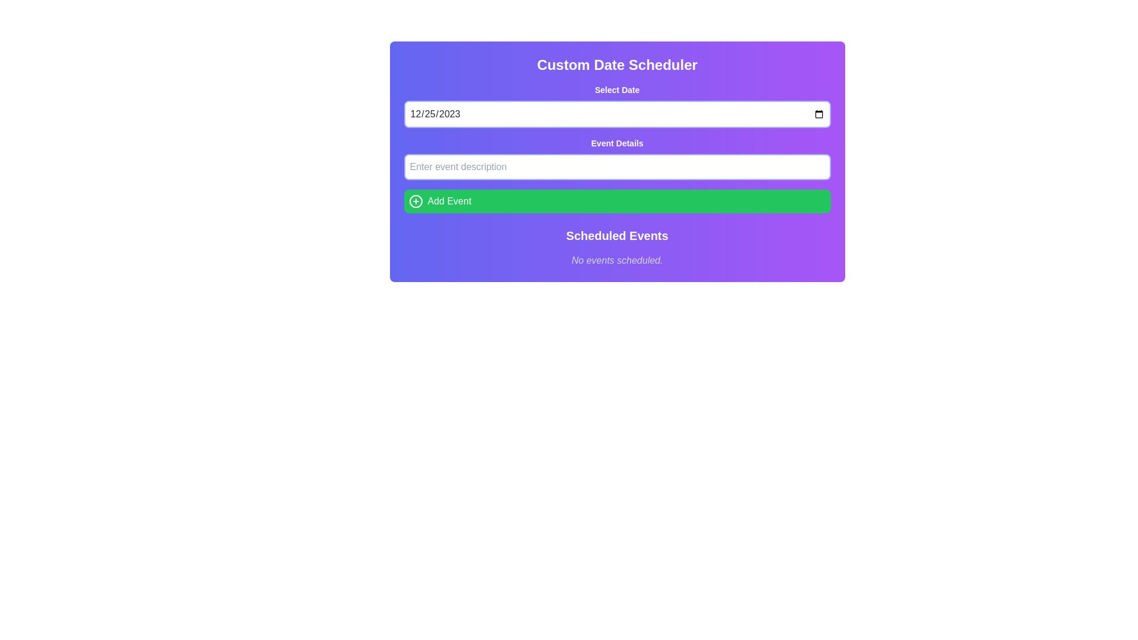 The image size is (1138, 640). I want to click on the 'Add Event' button located at the bottom of the grouped section, so click(616, 200).